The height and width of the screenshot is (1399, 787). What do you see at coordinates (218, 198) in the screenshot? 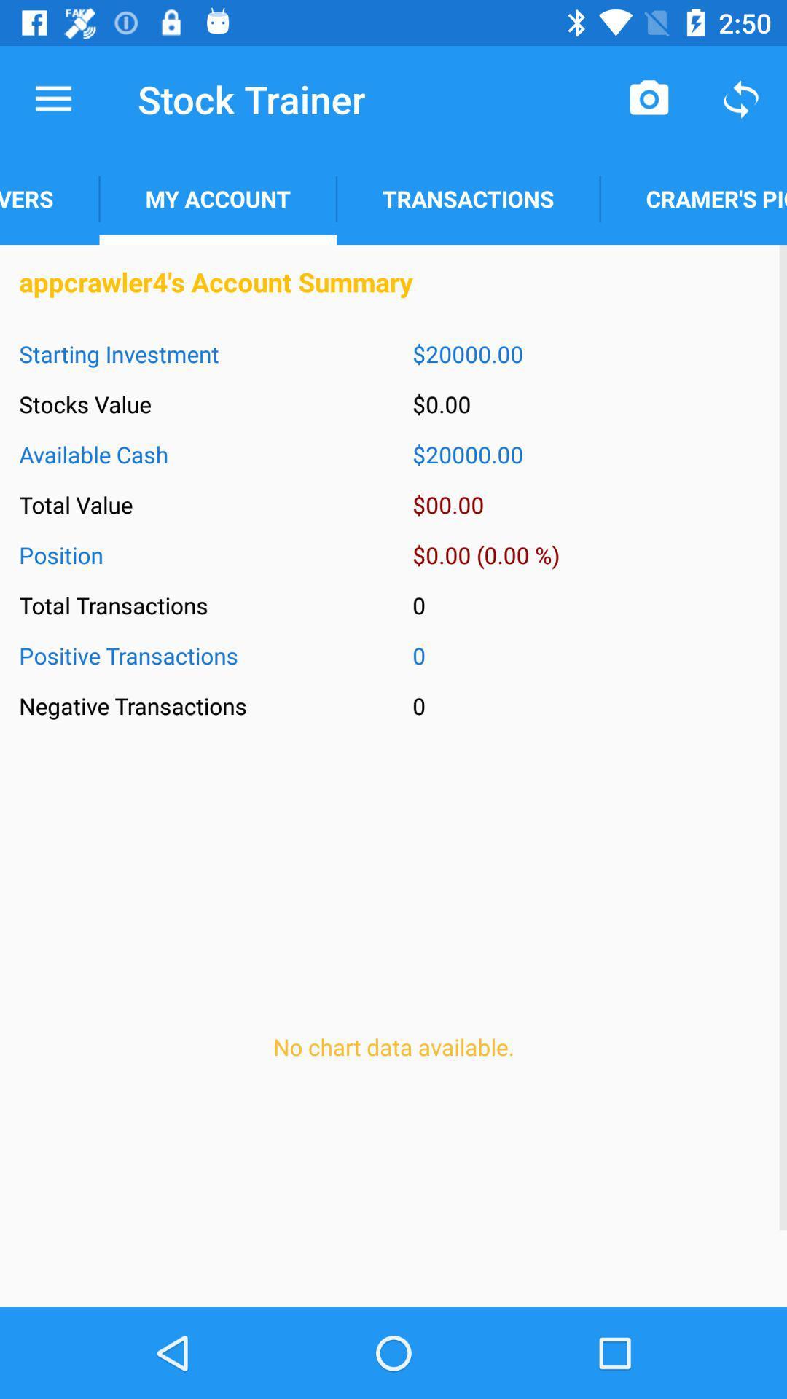
I see `the app to the right of the top movers` at bounding box center [218, 198].